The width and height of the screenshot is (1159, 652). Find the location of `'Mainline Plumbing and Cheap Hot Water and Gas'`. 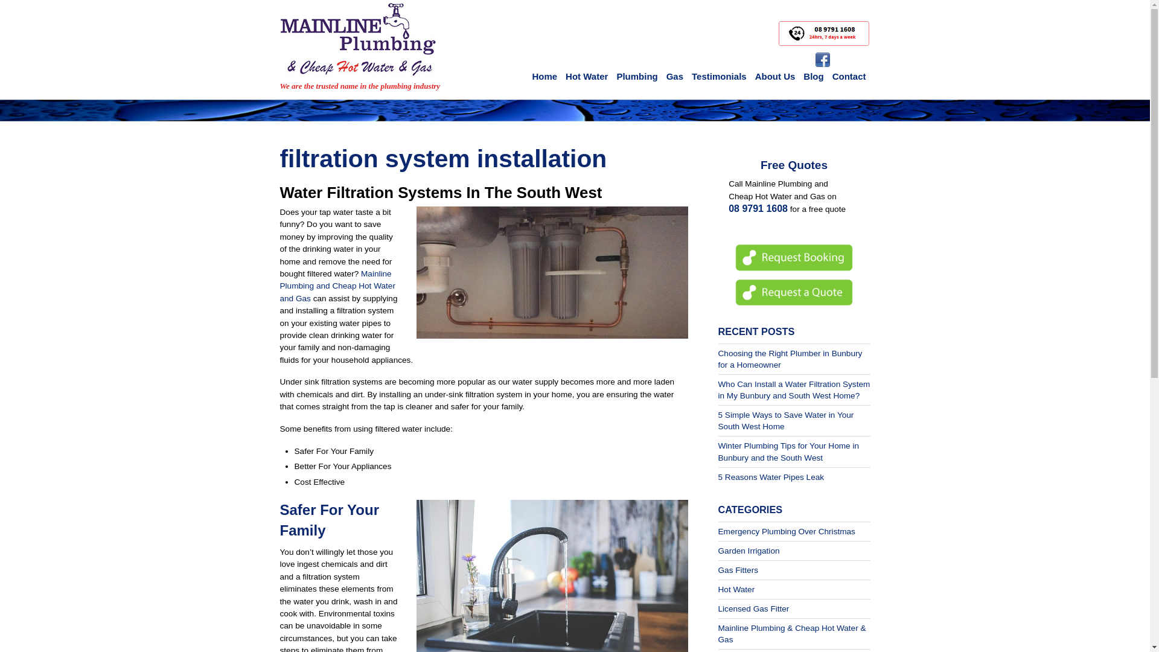

'Mainline Plumbing and Cheap Hot Water and Gas' is located at coordinates (337, 286).